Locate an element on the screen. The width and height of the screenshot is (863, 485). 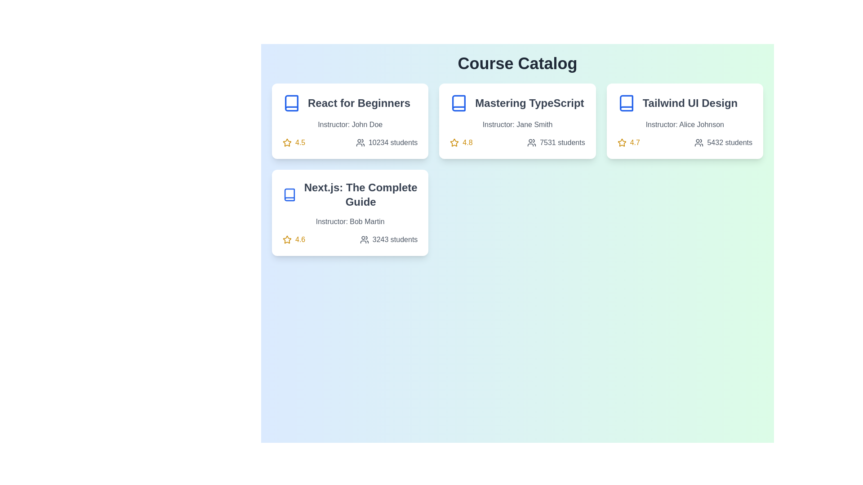
the text label that displays 'Instructor: John Doe' which is styled in gray and located below the course title 'React for Beginners' is located at coordinates (350, 124).